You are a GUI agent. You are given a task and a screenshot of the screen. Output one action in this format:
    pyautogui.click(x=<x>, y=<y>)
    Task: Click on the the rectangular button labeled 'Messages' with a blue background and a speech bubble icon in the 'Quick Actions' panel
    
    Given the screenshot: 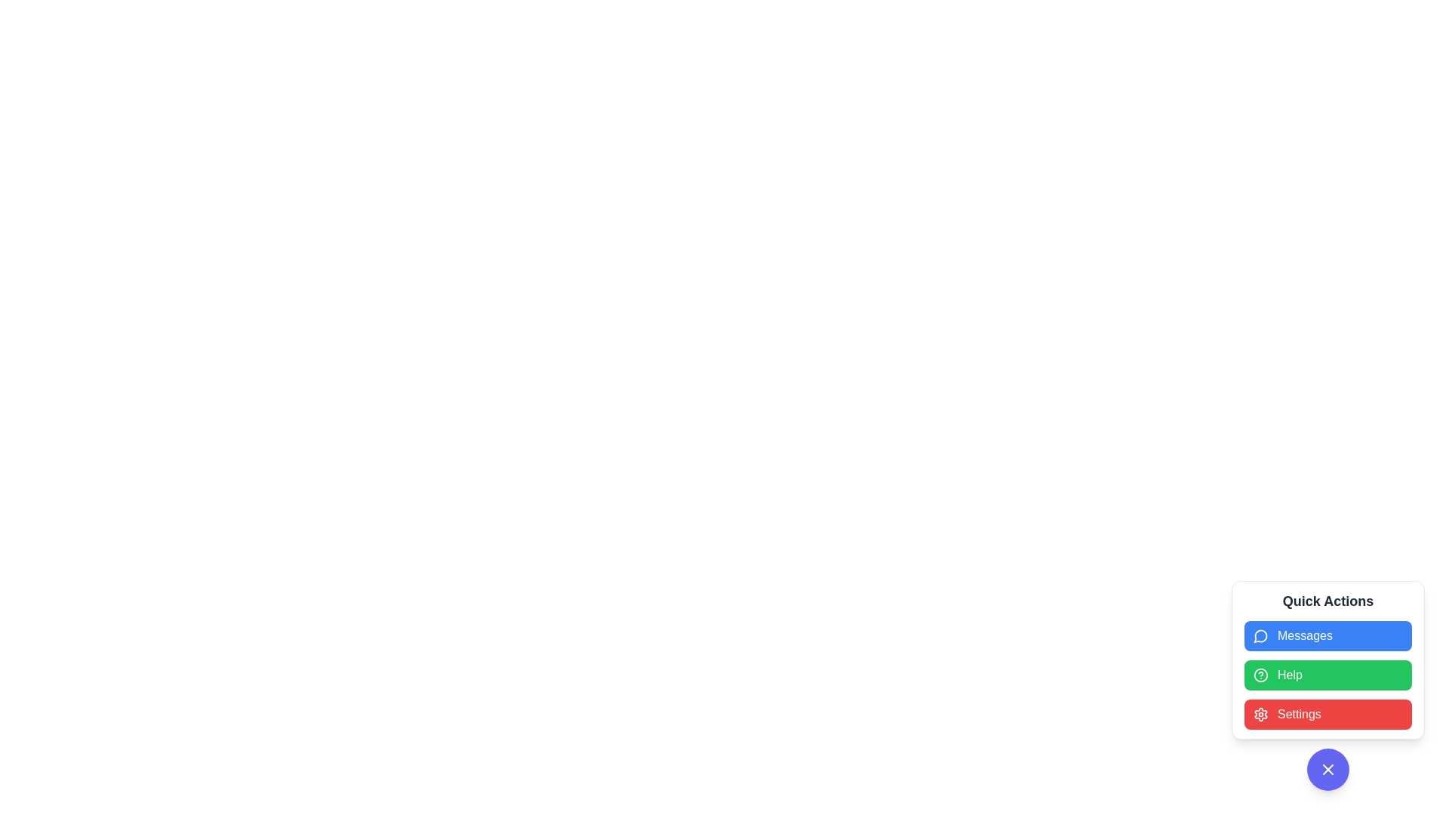 What is the action you would take?
    pyautogui.click(x=1328, y=636)
    